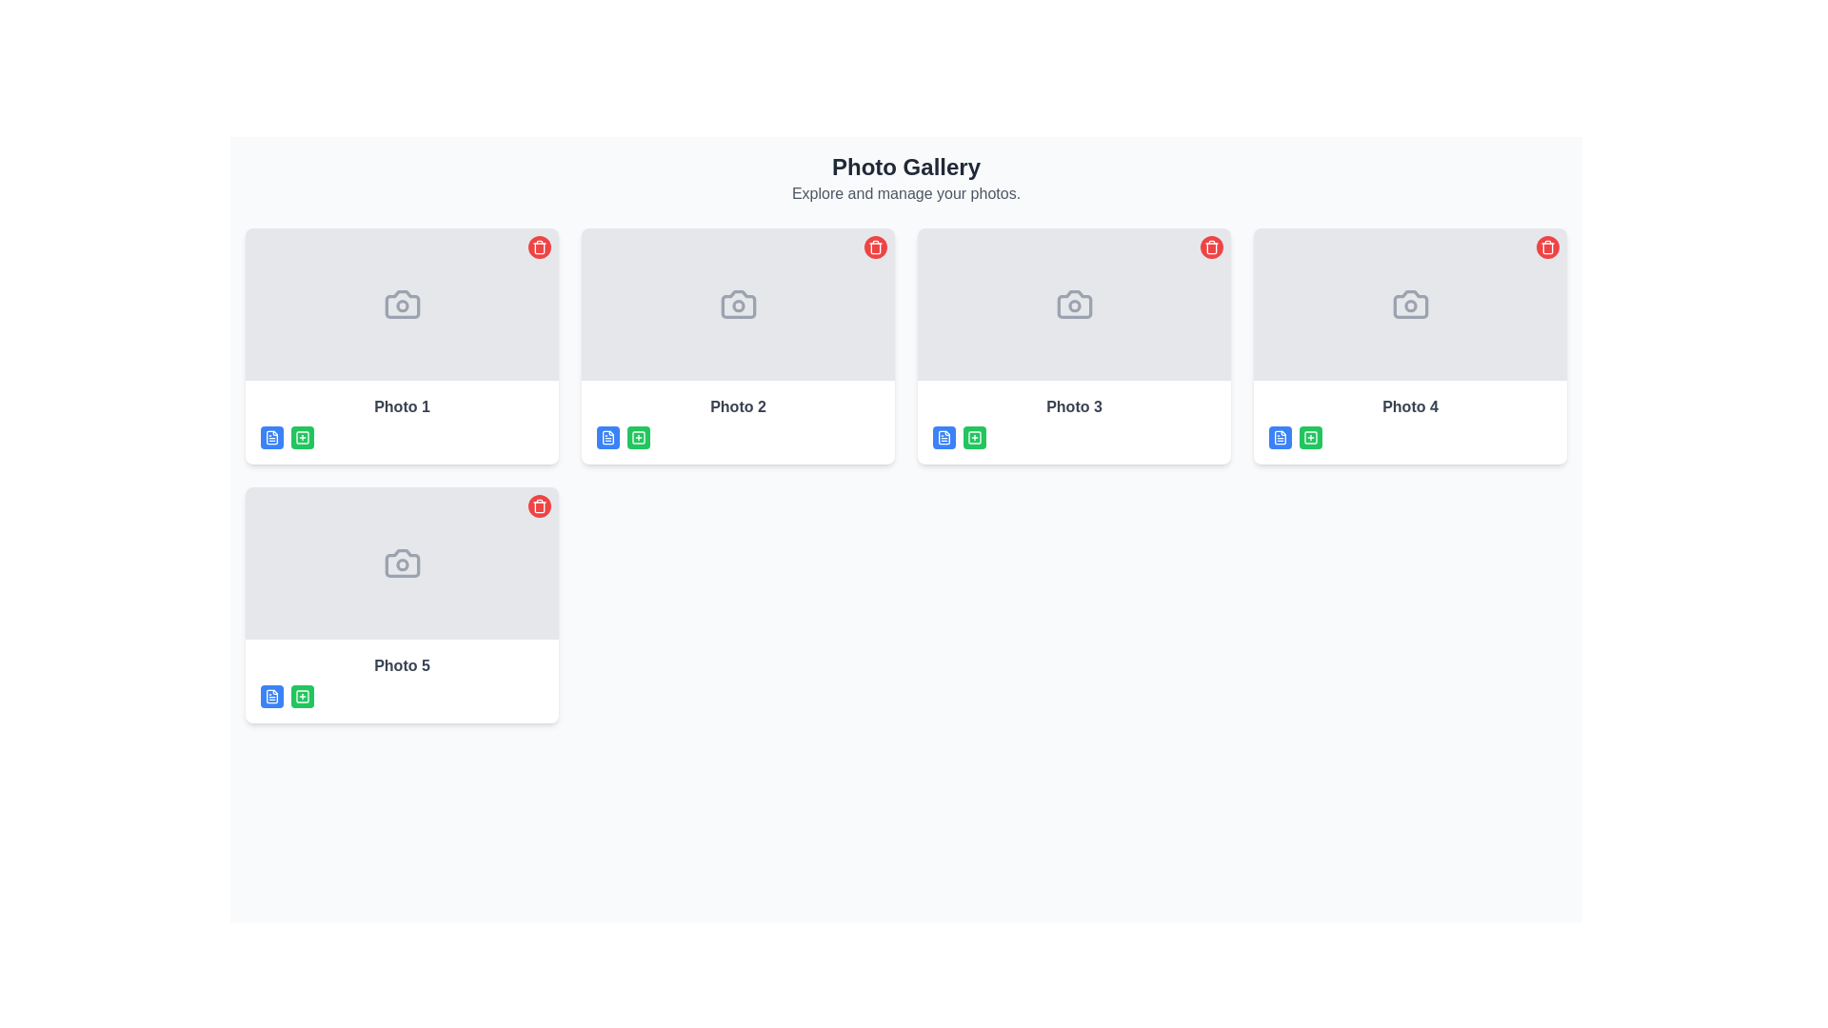 The height and width of the screenshot is (1028, 1828). I want to click on the button with an icon located at the bottom left of the photo card for 'Photo 4', so click(1280, 437).